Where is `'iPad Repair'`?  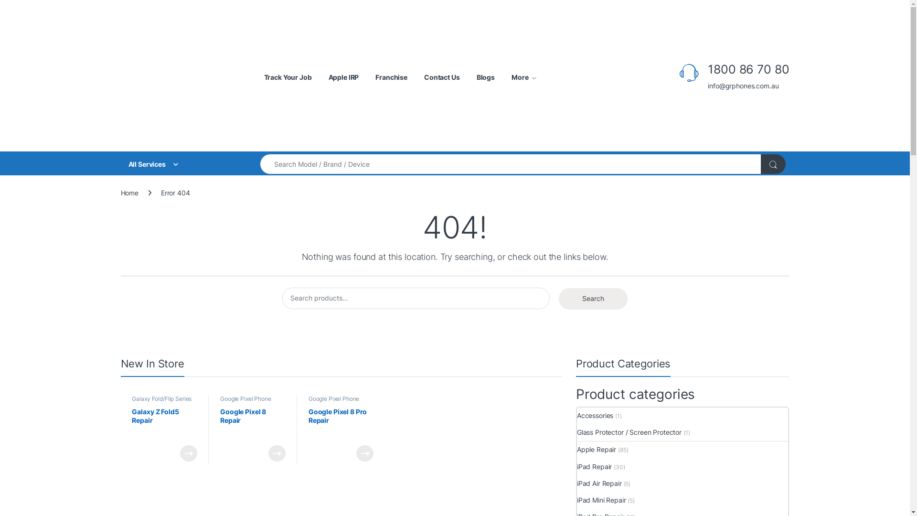 'iPad Repair' is located at coordinates (576, 466).